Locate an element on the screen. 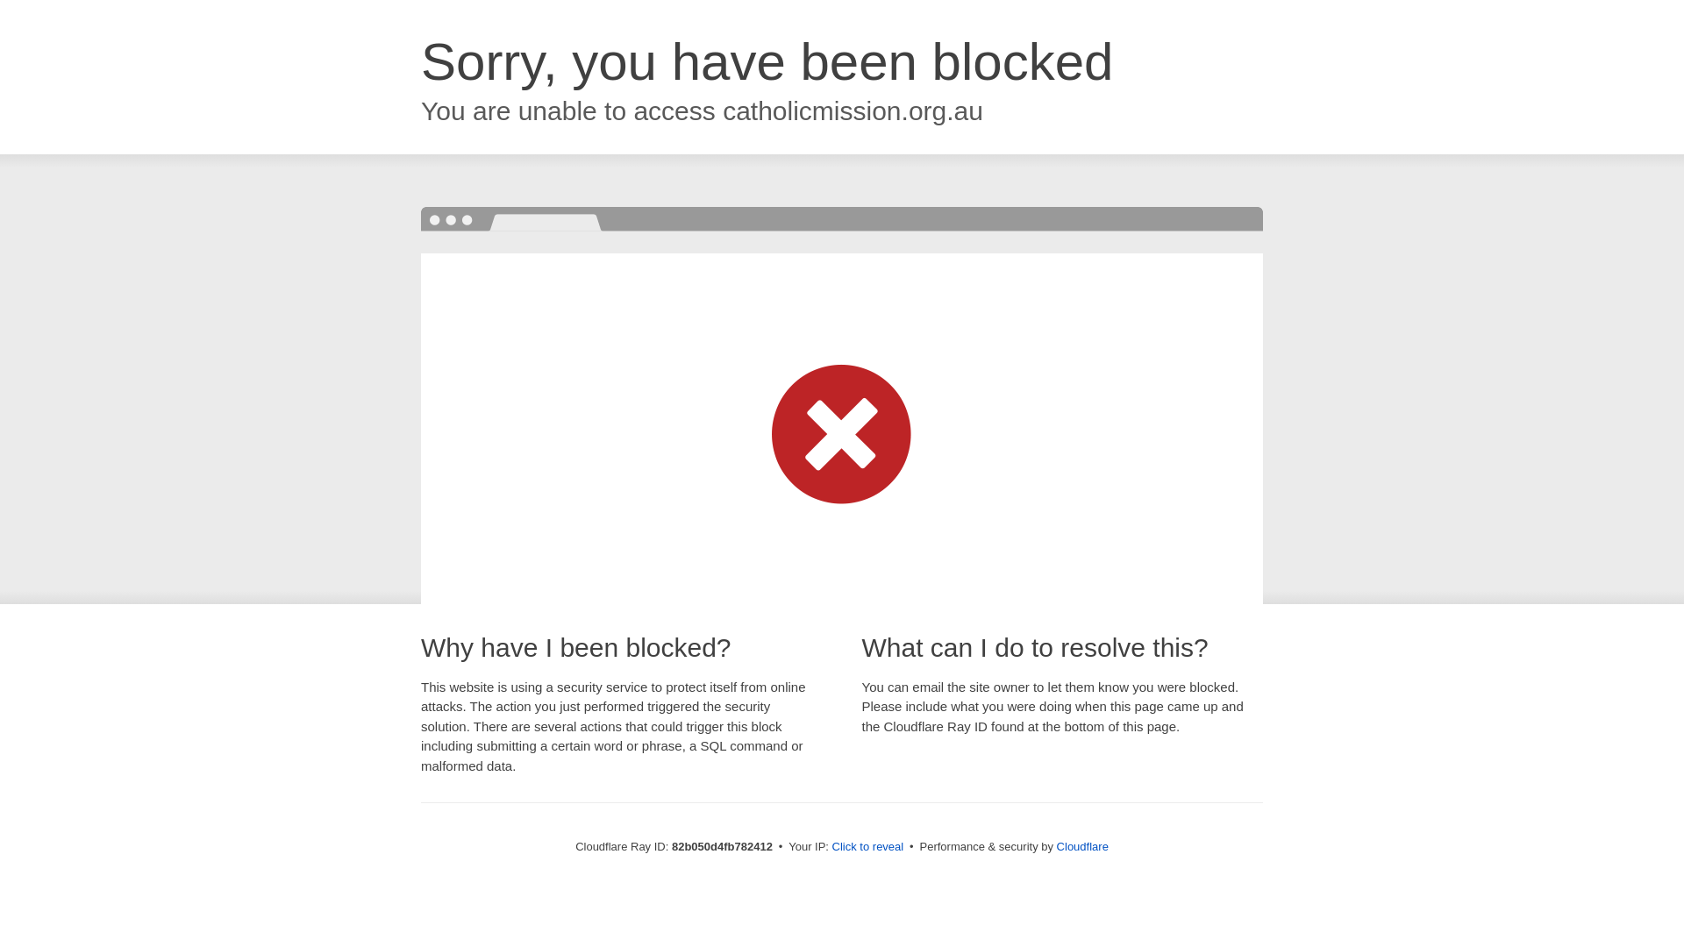  'Click to reveal' is located at coordinates (867, 845).